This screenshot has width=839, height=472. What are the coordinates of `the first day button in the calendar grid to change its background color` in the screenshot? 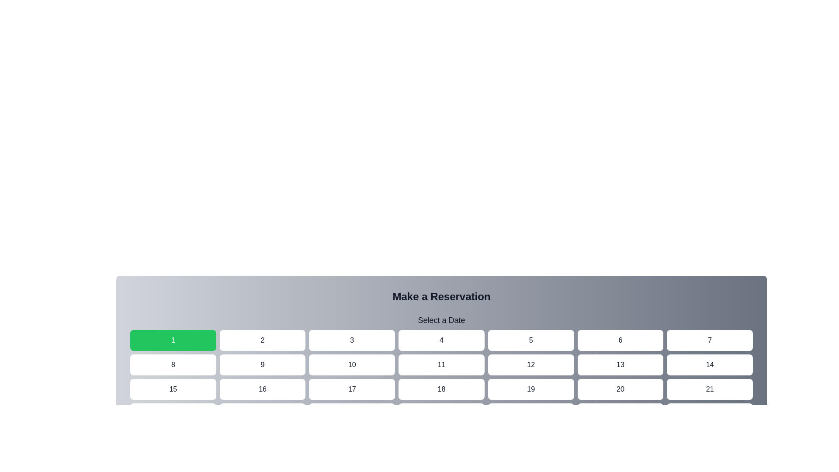 It's located at (173, 340).